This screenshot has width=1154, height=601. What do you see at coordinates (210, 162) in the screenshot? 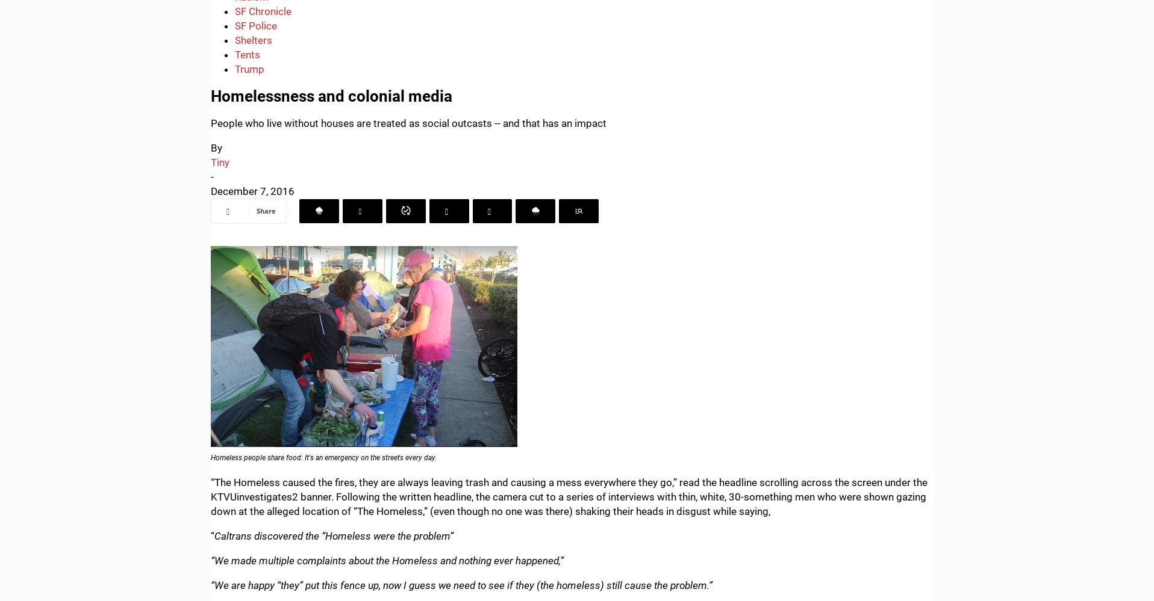
I see `'Tiny'` at bounding box center [210, 162].